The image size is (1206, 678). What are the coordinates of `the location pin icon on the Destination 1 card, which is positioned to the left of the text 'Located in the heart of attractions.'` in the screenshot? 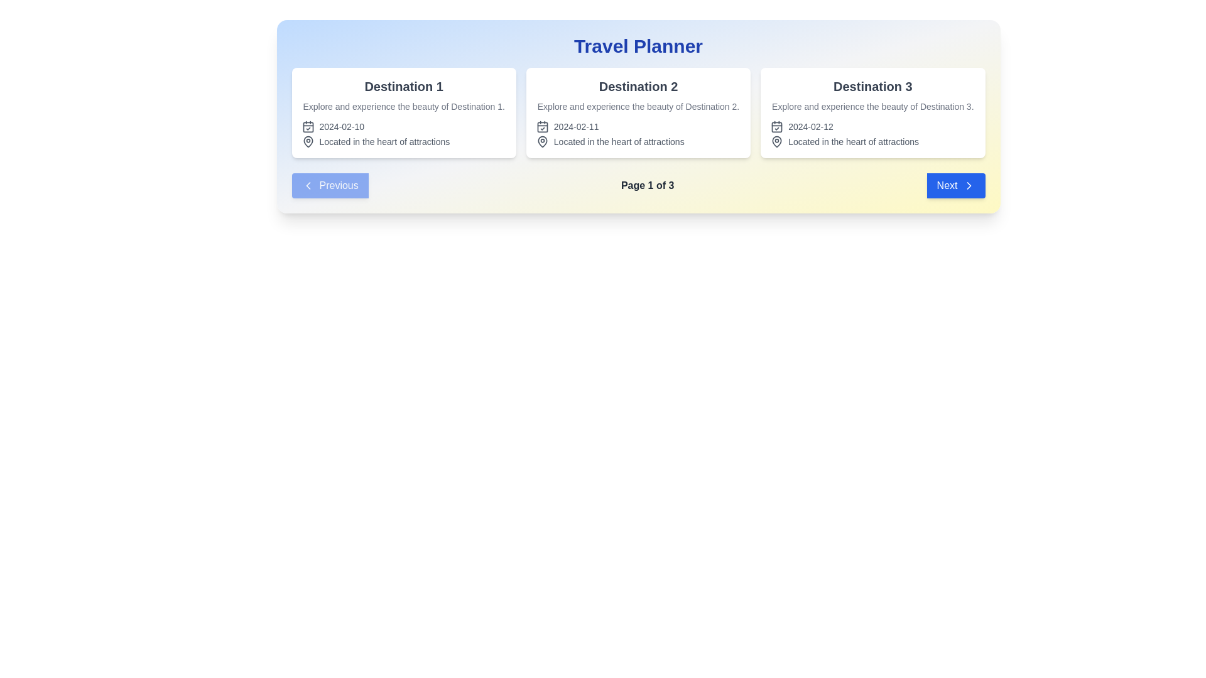 It's located at (308, 141).